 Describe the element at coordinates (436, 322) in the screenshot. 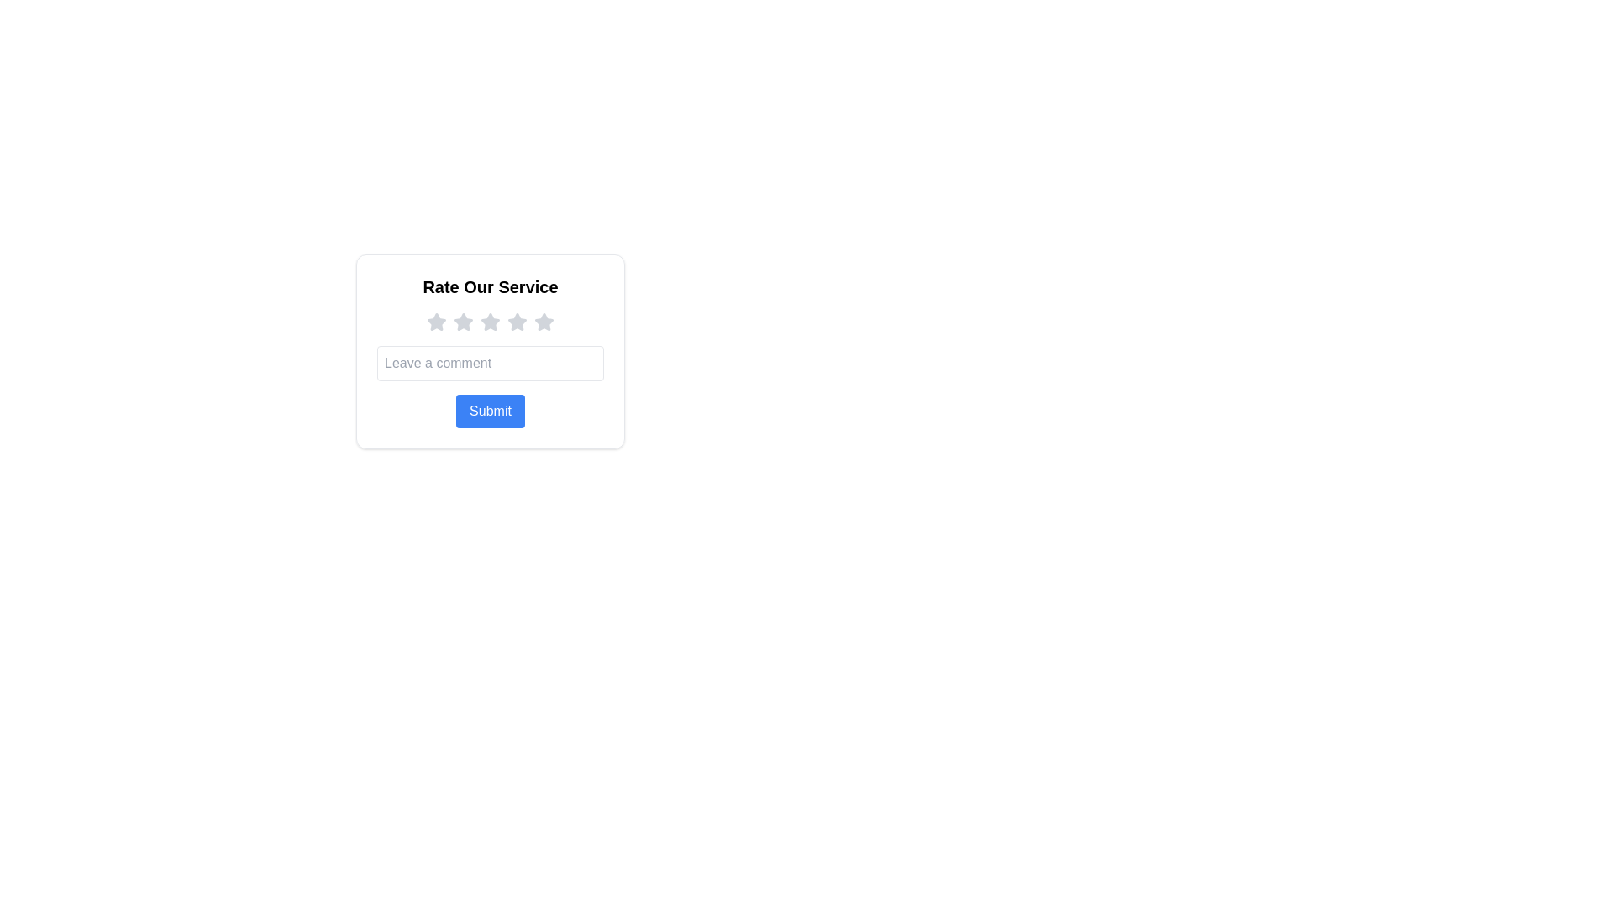

I see `the first star icon in the rating interface to indicate selection` at that location.